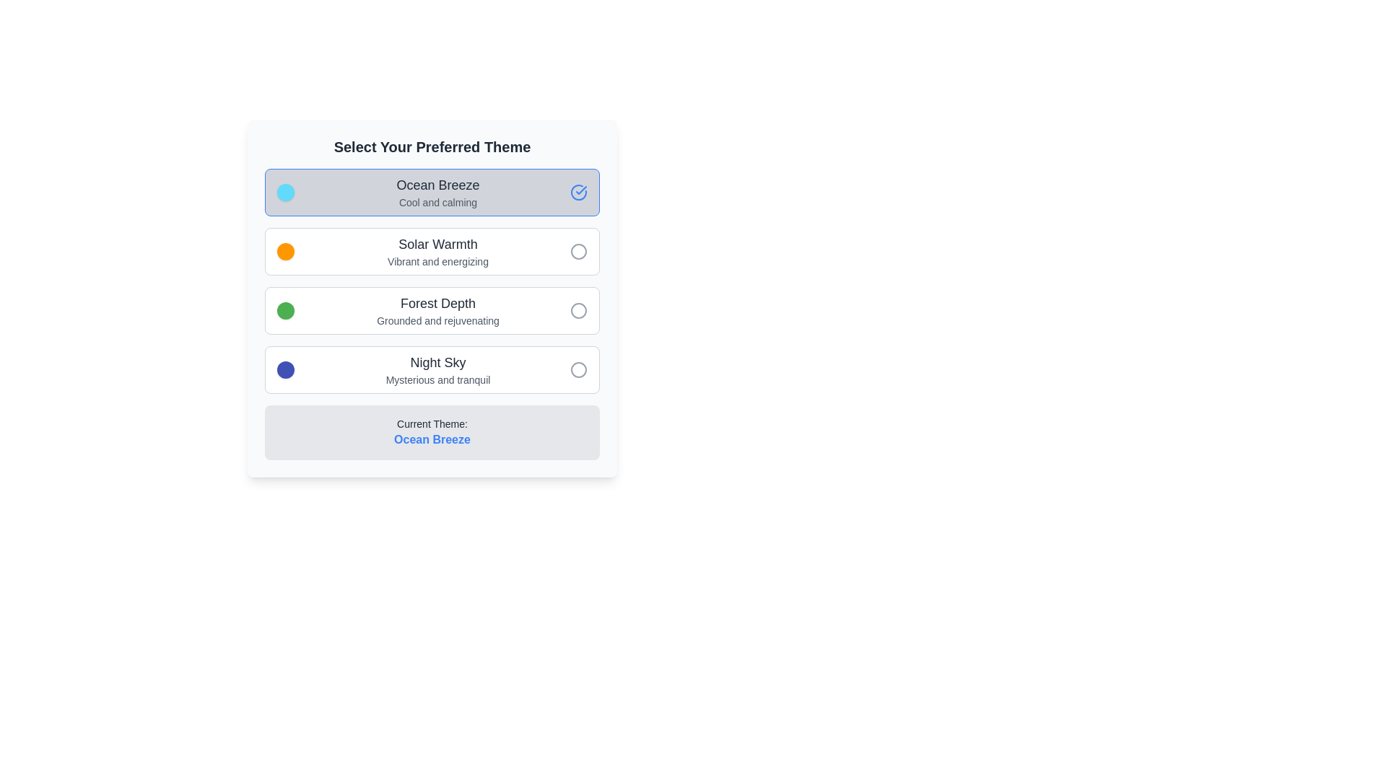  What do you see at coordinates (437, 203) in the screenshot?
I see `the text label that displays 'Cool and calming', which is styled in a small-sized, light gray font and located below 'Ocean Breeze'` at bounding box center [437, 203].